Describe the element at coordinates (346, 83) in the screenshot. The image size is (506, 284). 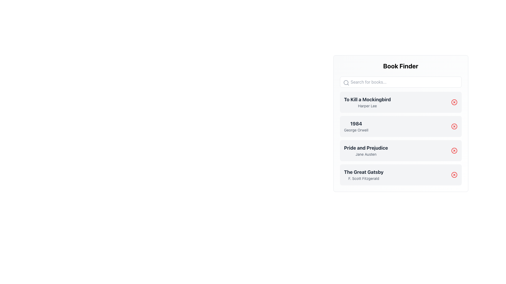
I see `the search icon located on the left side of the input field, which indicates the functionality for entering search queries` at that location.